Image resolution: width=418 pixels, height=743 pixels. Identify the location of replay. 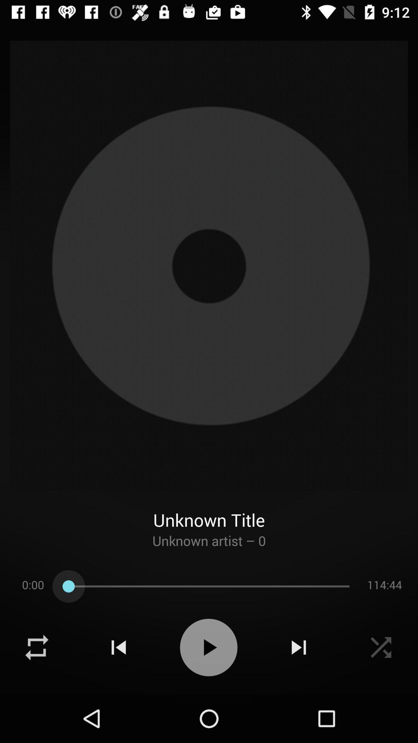
(37, 647).